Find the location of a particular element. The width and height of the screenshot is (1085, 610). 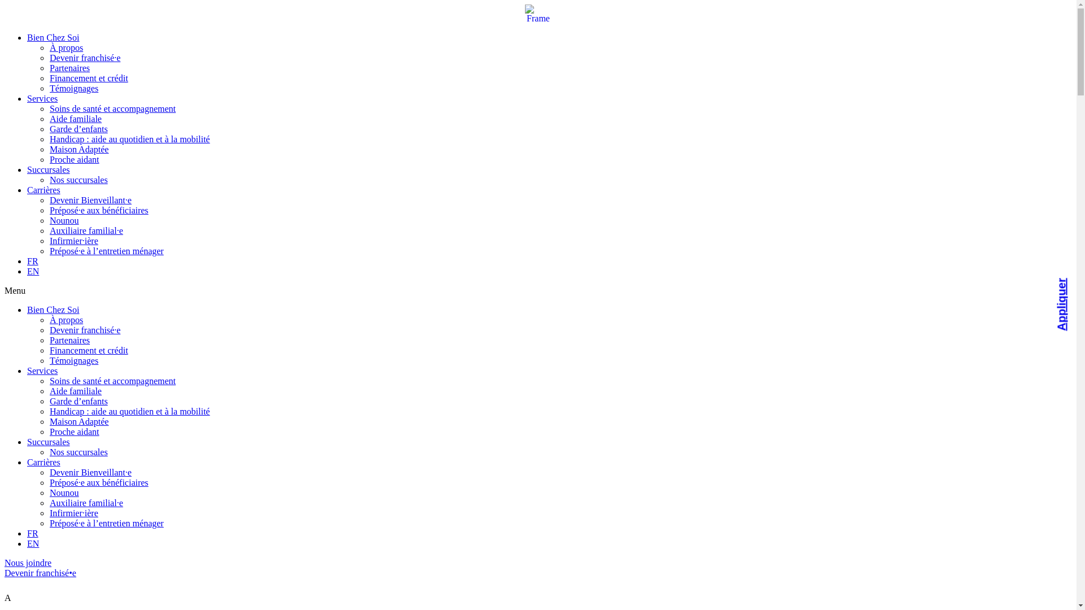

'Frame' is located at coordinates (537, 14).